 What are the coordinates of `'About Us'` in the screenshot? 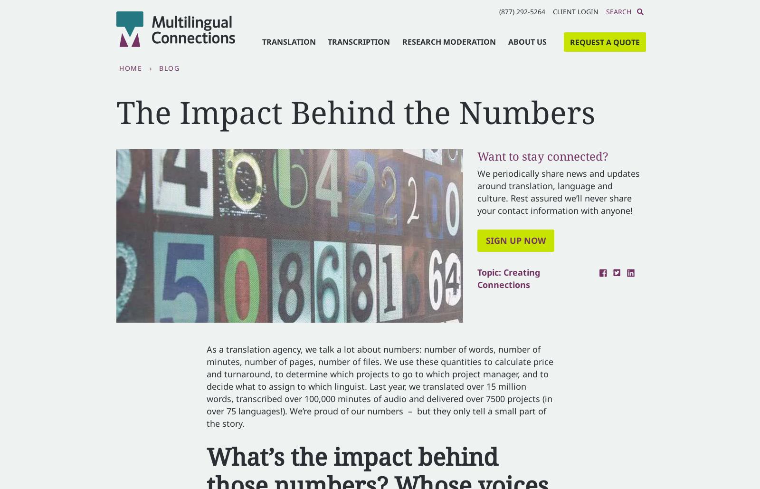 It's located at (527, 41).